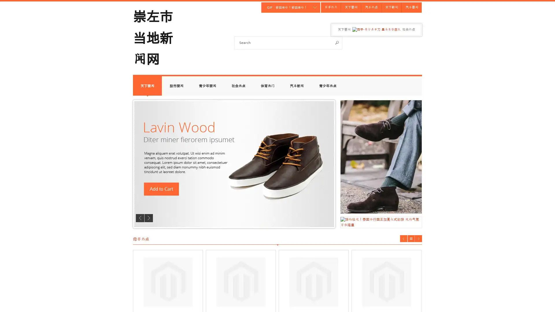  Describe the element at coordinates (337, 42) in the screenshot. I see `Search` at that location.